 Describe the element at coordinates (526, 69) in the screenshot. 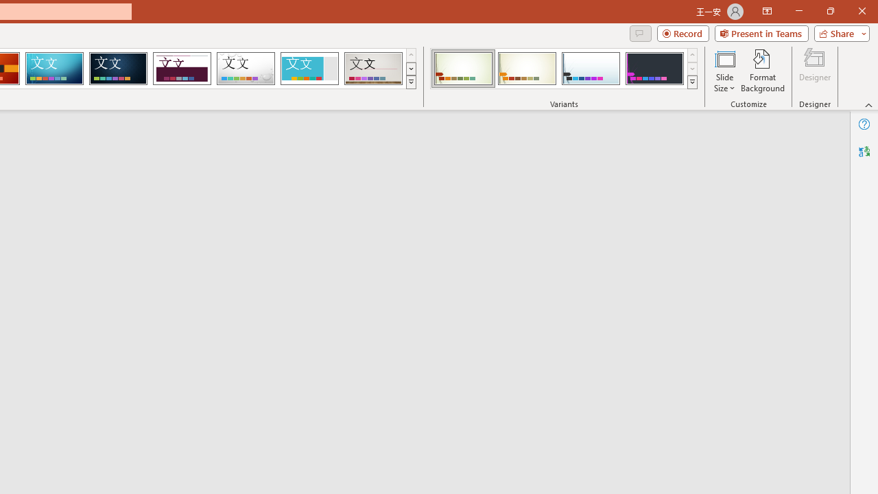

I see `'Wisp Variant 2'` at that location.